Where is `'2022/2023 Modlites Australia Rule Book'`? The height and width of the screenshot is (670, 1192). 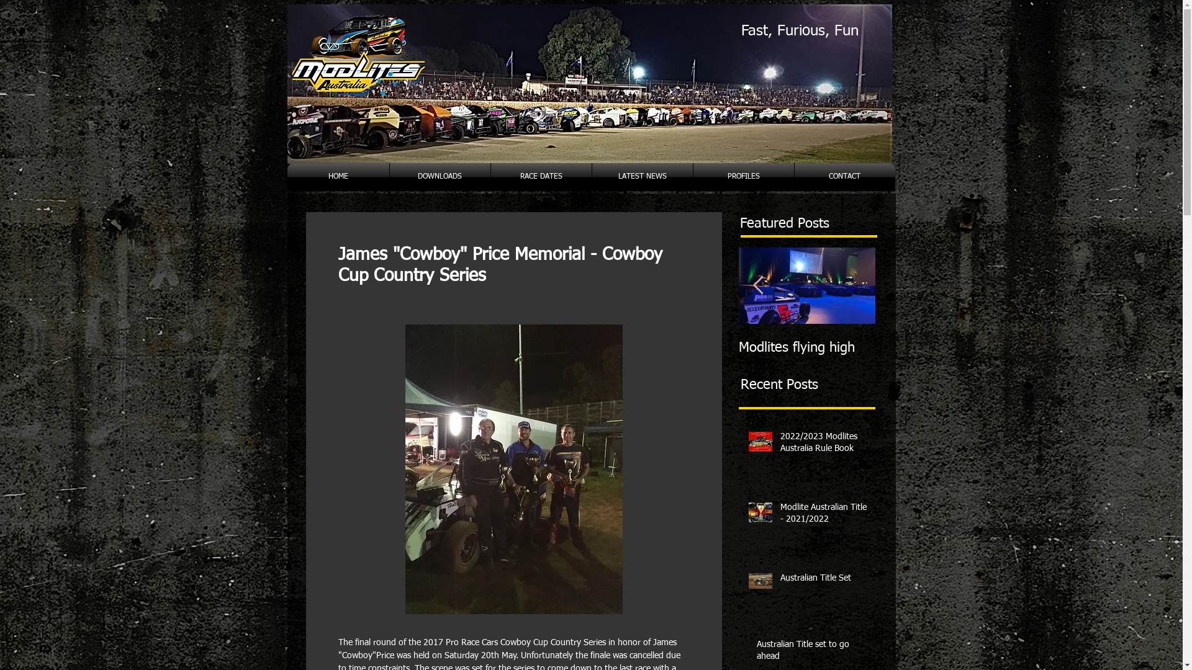
'2022/2023 Modlites Australia Rule Book' is located at coordinates (779, 445).